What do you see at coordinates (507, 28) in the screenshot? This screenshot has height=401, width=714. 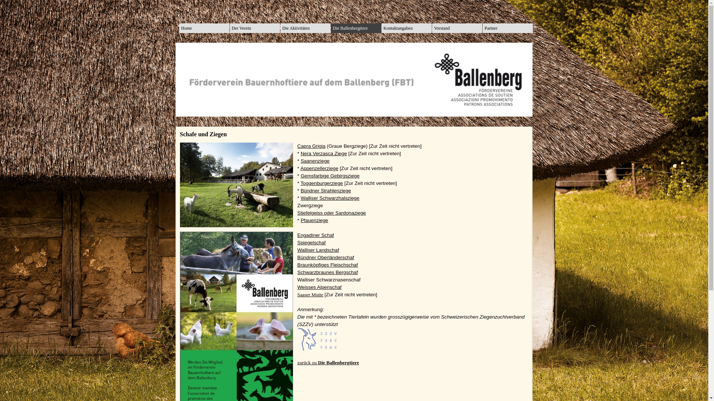 I see `'Partner'` at bounding box center [507, 28].